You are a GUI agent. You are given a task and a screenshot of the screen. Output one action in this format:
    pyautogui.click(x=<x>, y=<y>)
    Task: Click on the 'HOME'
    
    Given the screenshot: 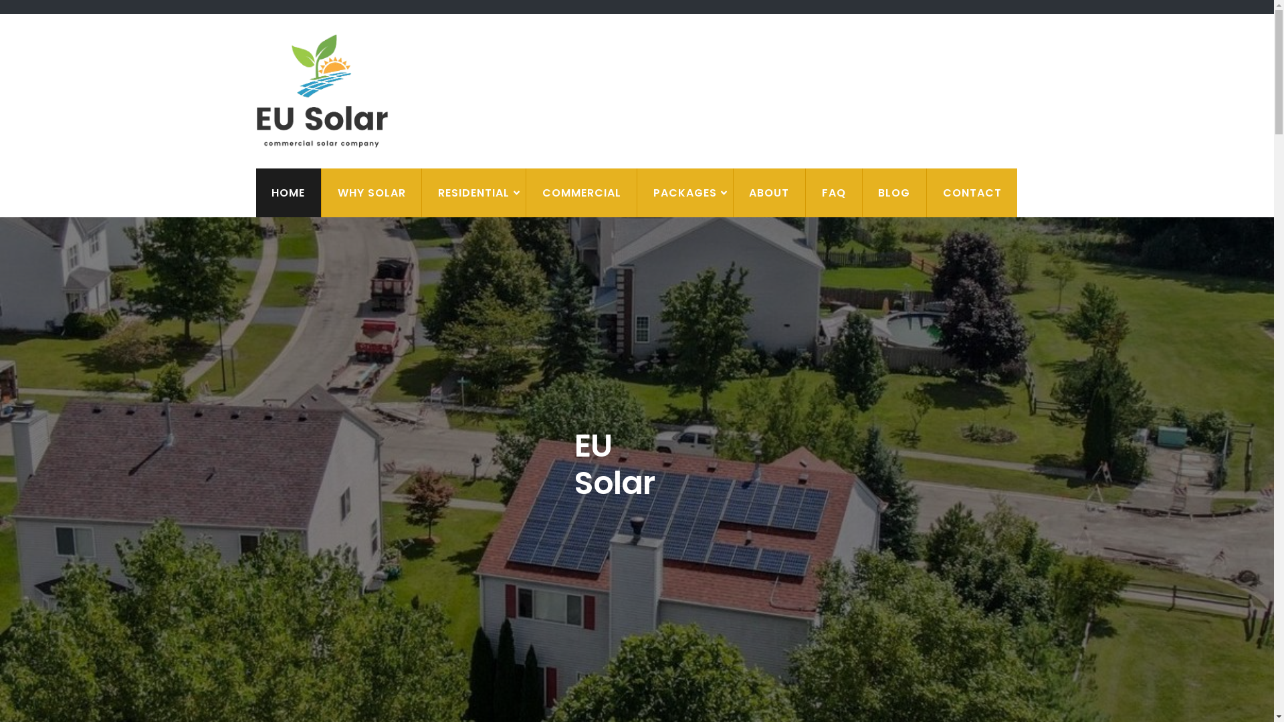 What is the action you would take?
    pyautogui.click(x=287, y=193)
    